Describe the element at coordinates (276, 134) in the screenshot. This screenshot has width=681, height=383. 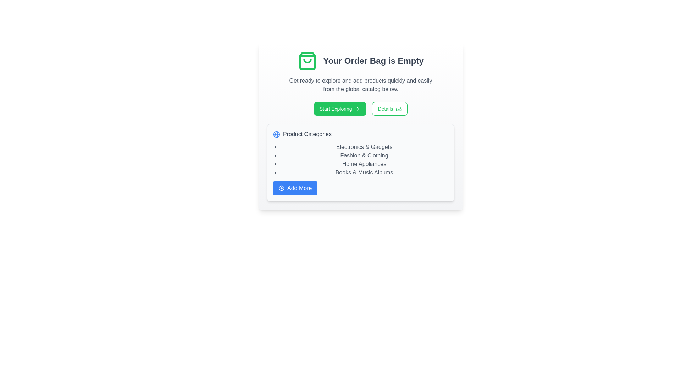
I see `the central circle of the globe icon located to the left of the 'Product Categories' text` at that location.